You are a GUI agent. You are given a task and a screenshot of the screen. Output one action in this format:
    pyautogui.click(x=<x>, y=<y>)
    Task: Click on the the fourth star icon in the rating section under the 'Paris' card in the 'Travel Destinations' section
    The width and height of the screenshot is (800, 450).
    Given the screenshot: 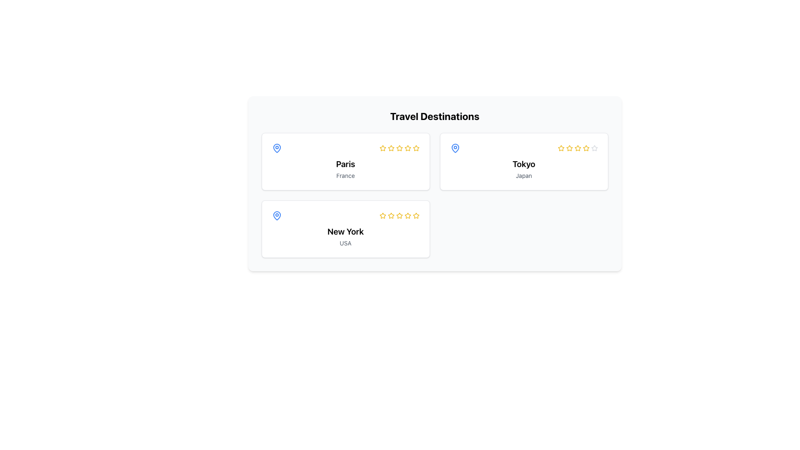 What is the action you would take?
    pyautogui.click(x=399, y=147)
    